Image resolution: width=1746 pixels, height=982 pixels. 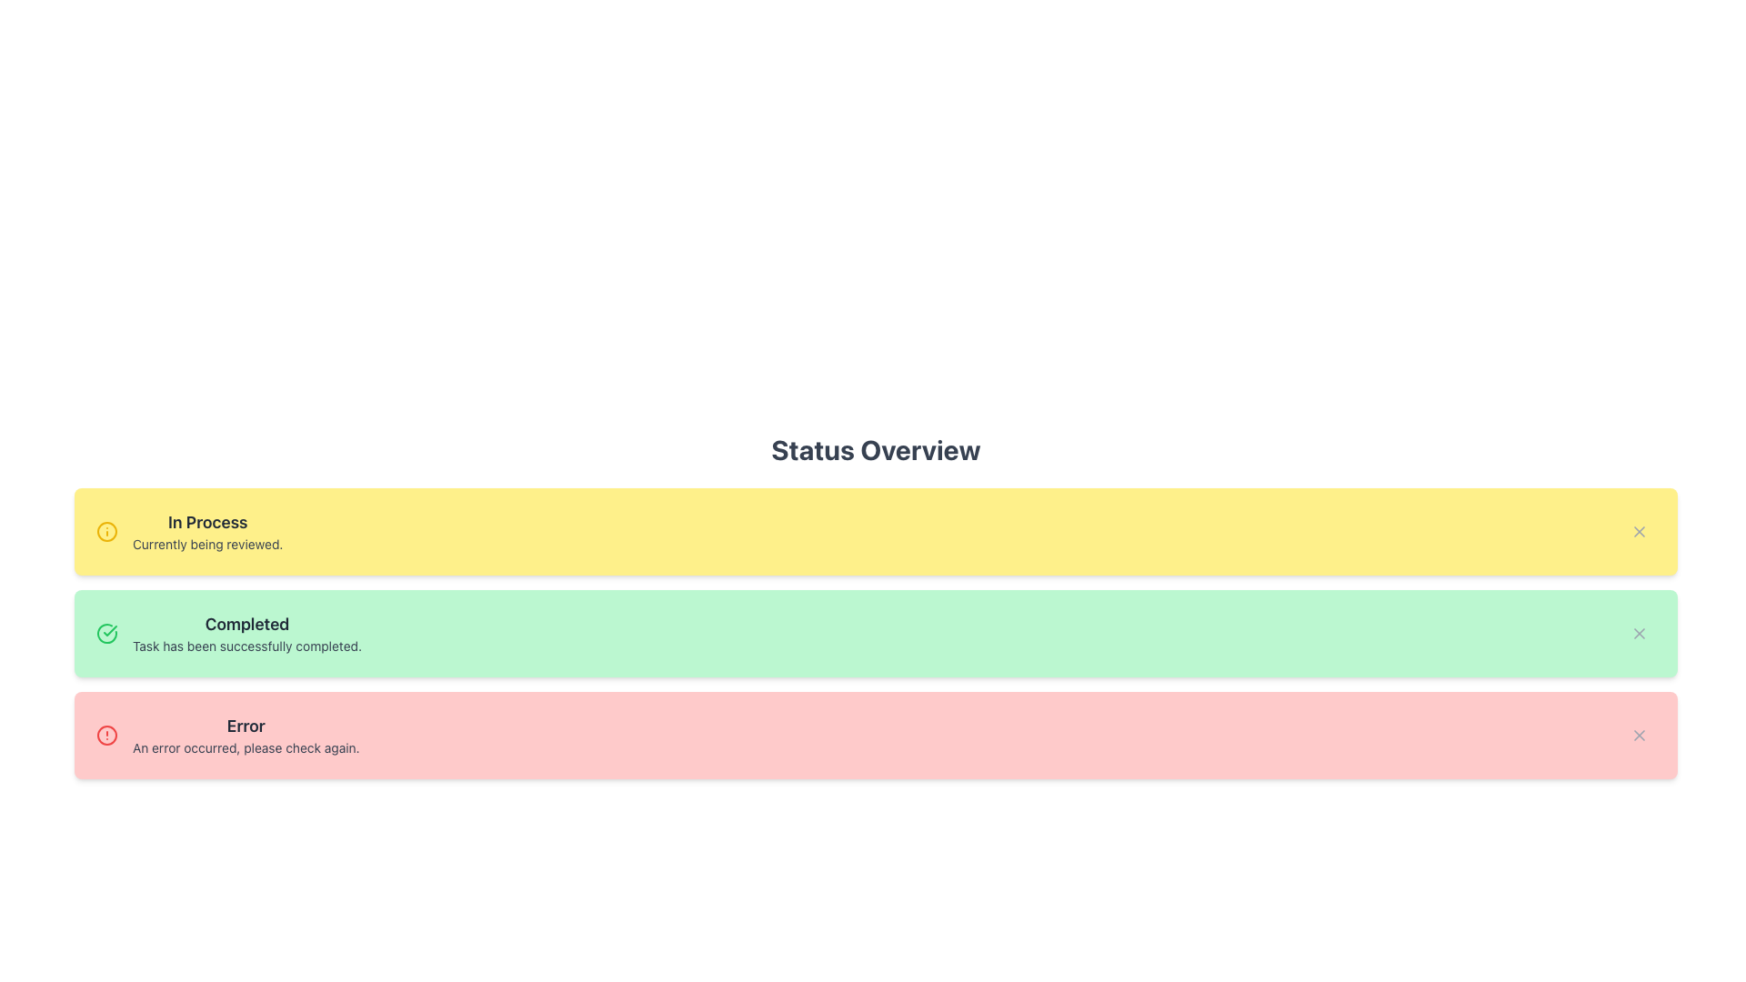 I want to click on the small rounded button with a gray 'X' icon located at the top-right corner of the yellow notification card labeled 'In Process' to change its color to darker gray, so click(x=1640, y=532).